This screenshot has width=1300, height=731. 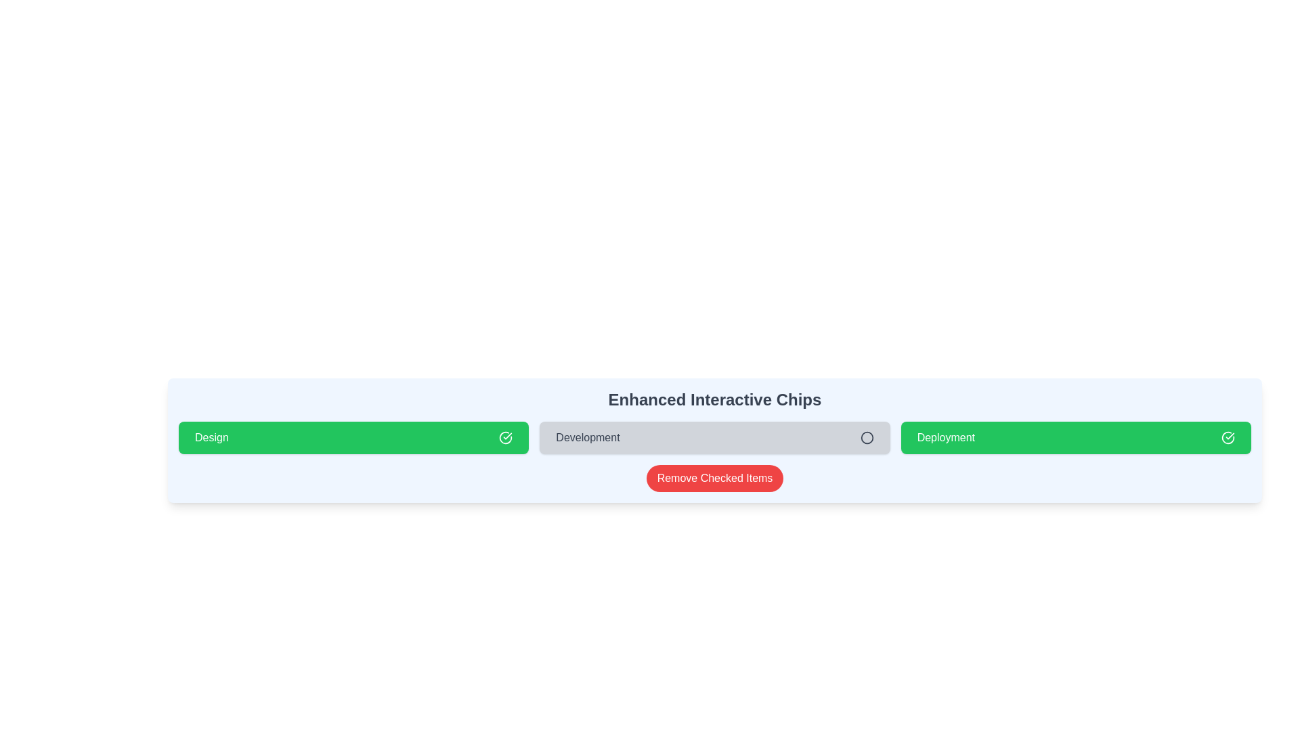 What do you see at coordinates (714, 477) in the screenshot?
I see `the 'Remove Checked Items' button to remove all checked chips` at bounding box center [714, 477].